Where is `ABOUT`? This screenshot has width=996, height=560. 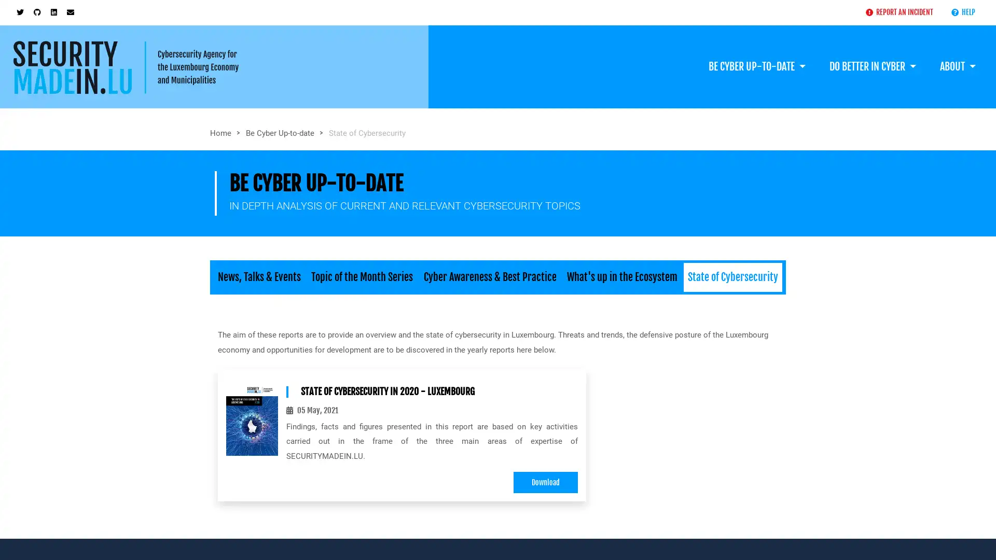 ABOUT is located at coordinates (957, 56).